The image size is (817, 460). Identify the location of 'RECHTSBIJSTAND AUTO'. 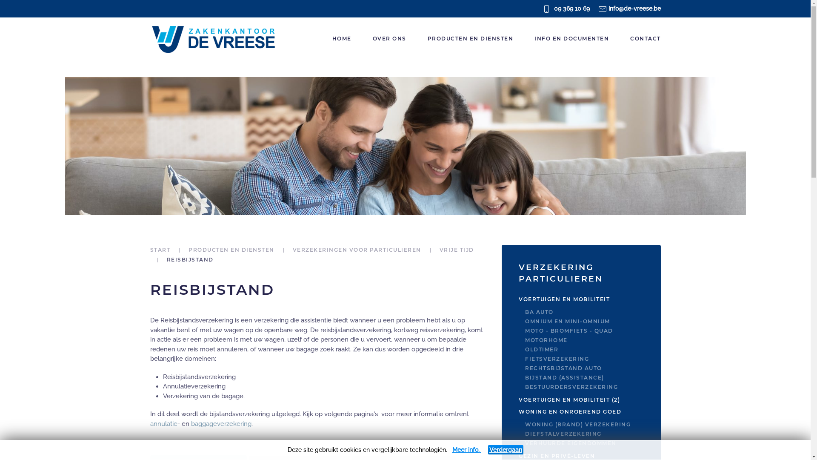
(524, 368).